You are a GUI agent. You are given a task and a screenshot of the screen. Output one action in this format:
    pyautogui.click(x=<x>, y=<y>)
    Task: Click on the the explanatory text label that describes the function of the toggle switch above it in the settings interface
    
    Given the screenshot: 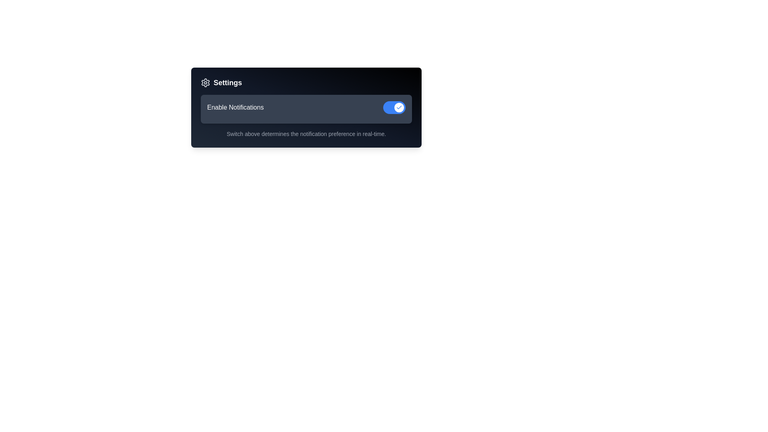 What is the action you would take?
    pyautogui.click(x=306, y=134)
    